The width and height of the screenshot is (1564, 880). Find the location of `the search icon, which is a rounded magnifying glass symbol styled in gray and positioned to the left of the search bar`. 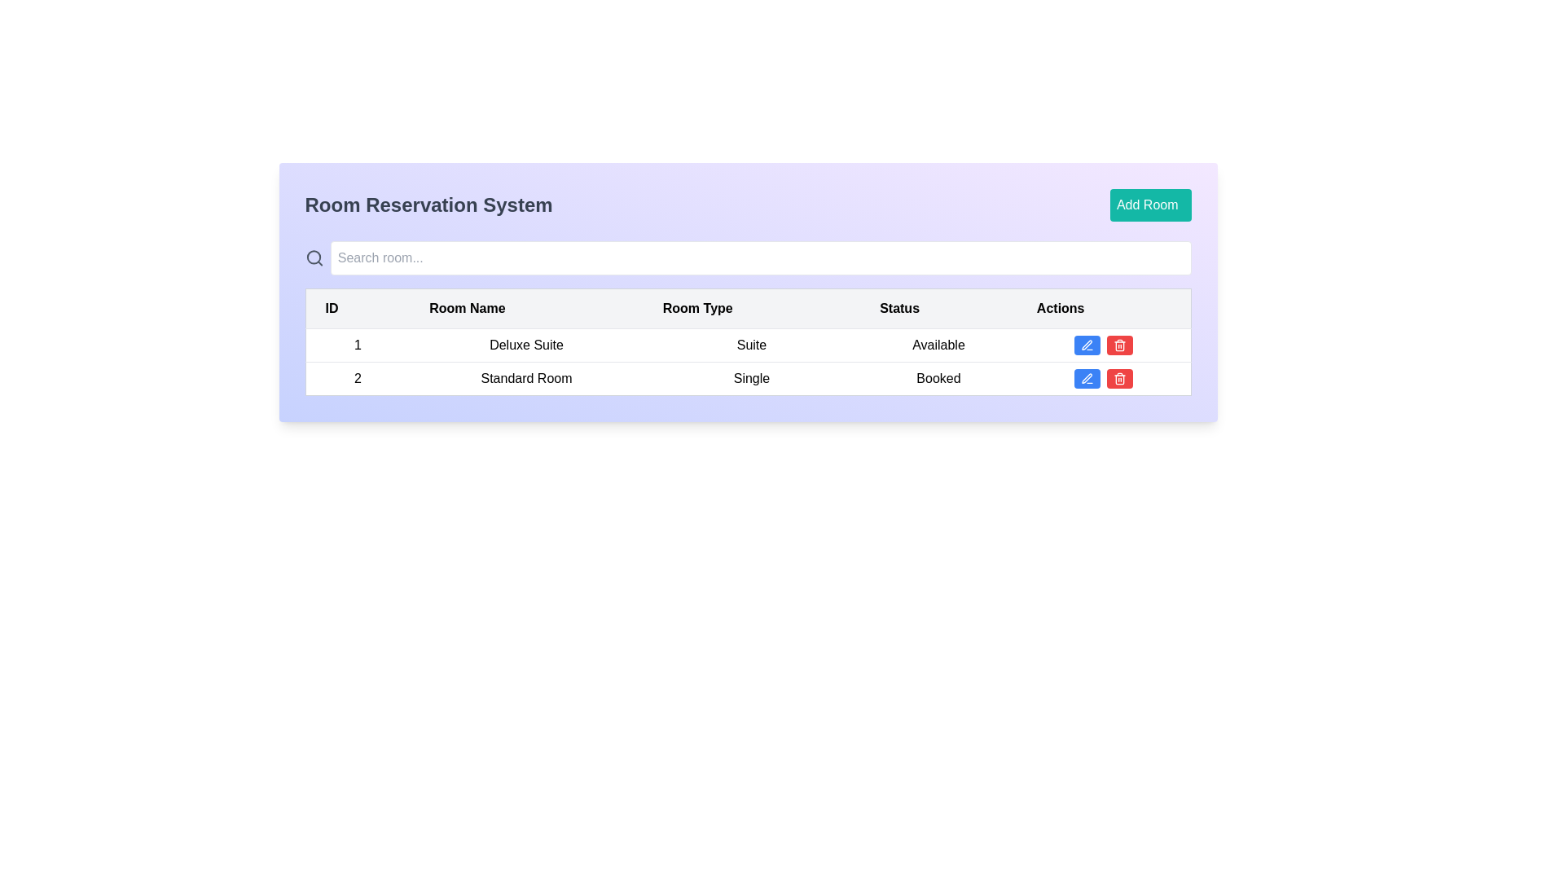

the search icon, which is a rounded magnifying glass symbol styled in gray and positioned to the left of the search bar is located at coordinates (314, 257).